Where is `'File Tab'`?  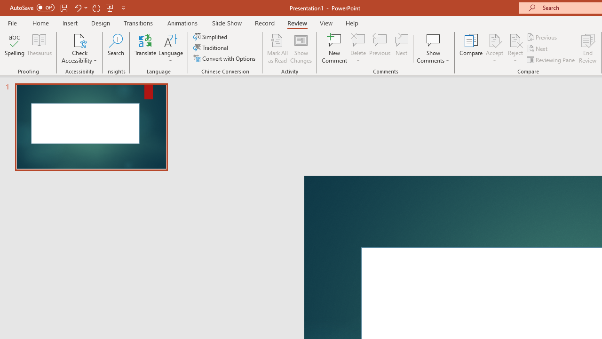 'File Tab' is located at coordinates (12, 22).